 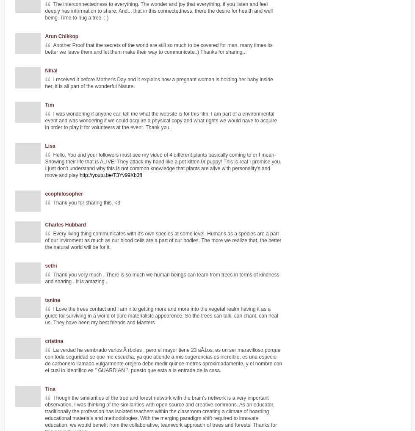 What do you see at coordinates (161, 315) in the screenshot?
I see `'I Love the trees contact and I am into getting more and more into the vegetal realm having it as a guide for surviving in a world of pure materialistc appearence. So the trees can talk, can chant, can heal us. They have been my best friends and Masters'` at bounding box center [161, 315].